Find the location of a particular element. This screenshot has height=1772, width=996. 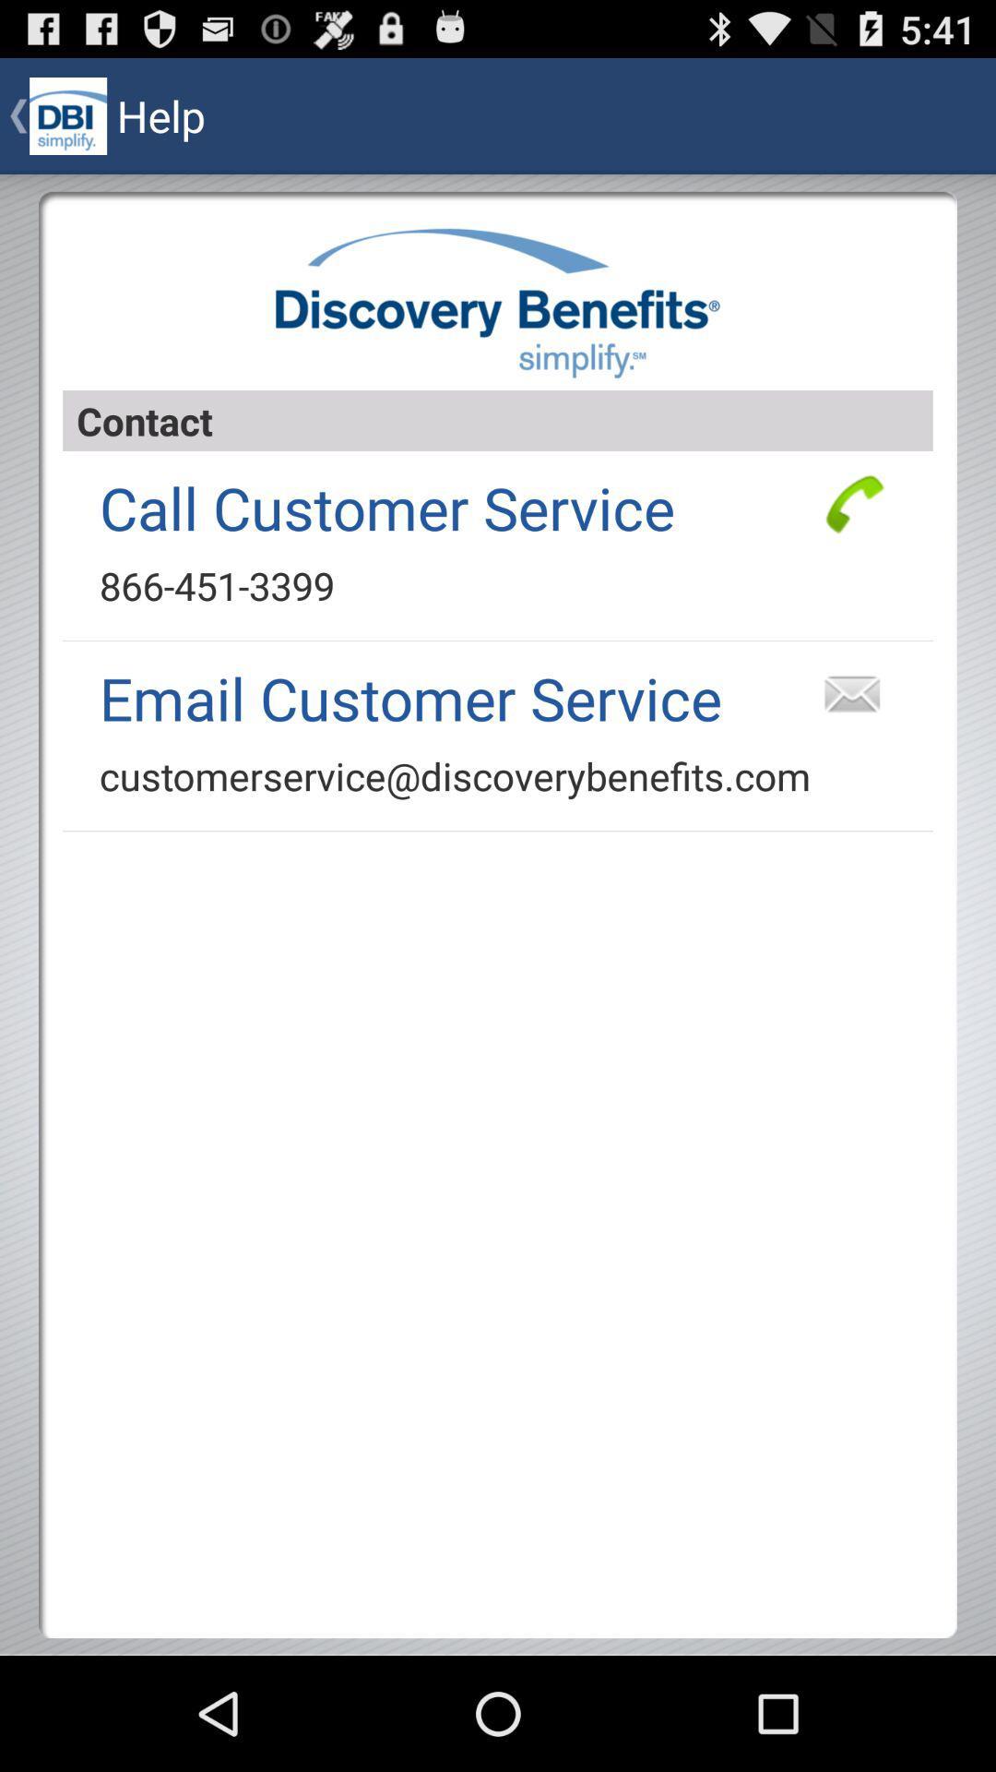

customerservice@discoverybenefits.com app is located at coordinates (455, 775).